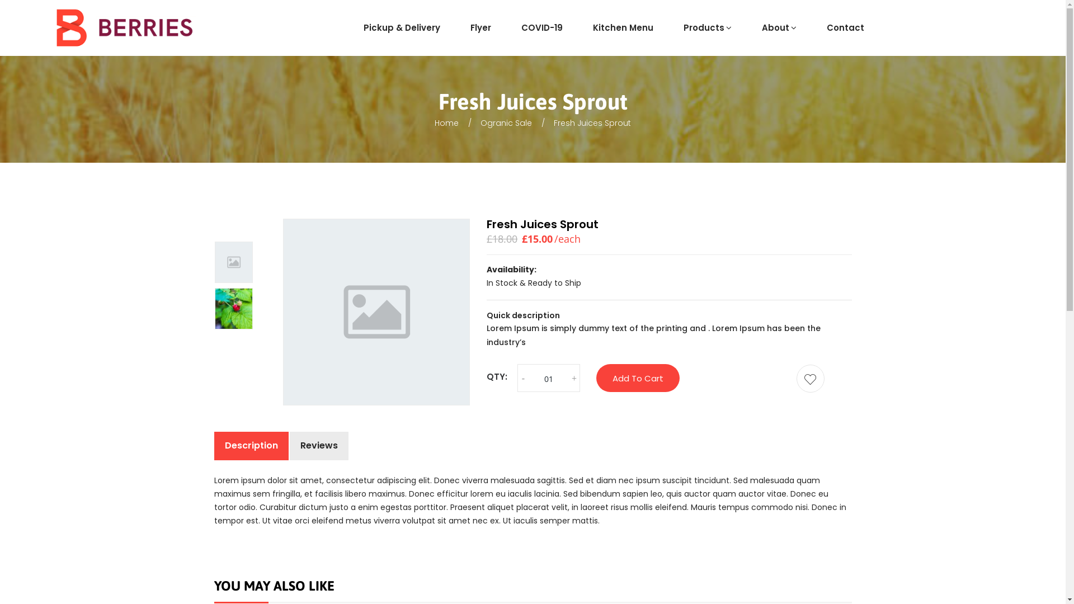  Describe the element at coordinates (569, 378) in the screenshot. I see `'+'` at that location.